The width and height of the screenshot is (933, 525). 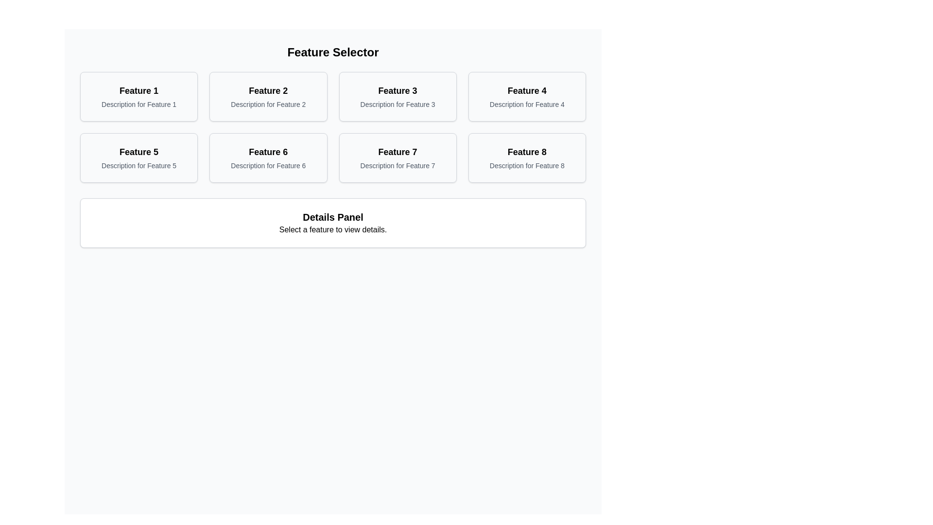 What do you see at coordinates (526, 165) in the screenshot?
I see `secondary description text 'Description for Feature 8' located below the bold header 'Feature 8' in the bottom-right corner of the feature selection interface` at bounding box center [526, 165].